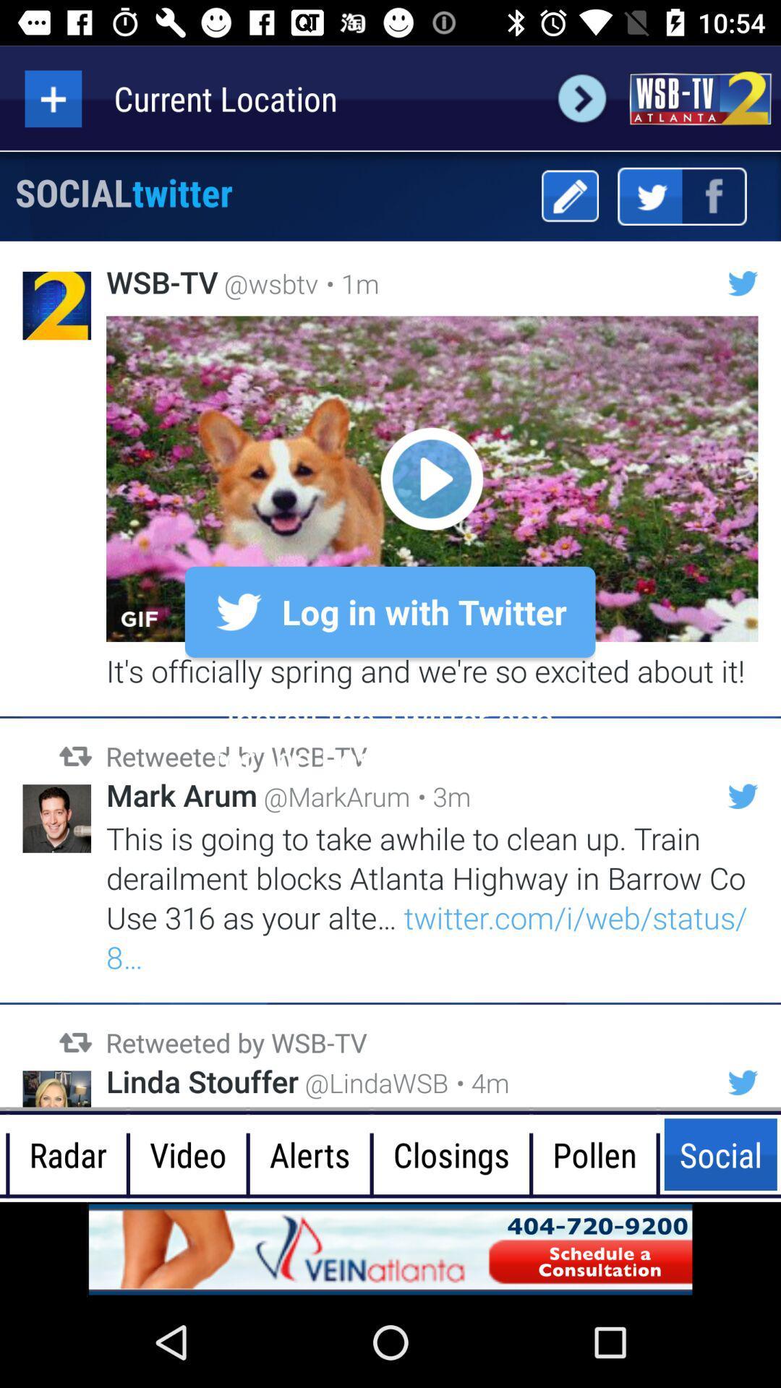 The height and width of the screenshot is (1388, 781). I want to click on the log in with twitter, so click(390, 612).